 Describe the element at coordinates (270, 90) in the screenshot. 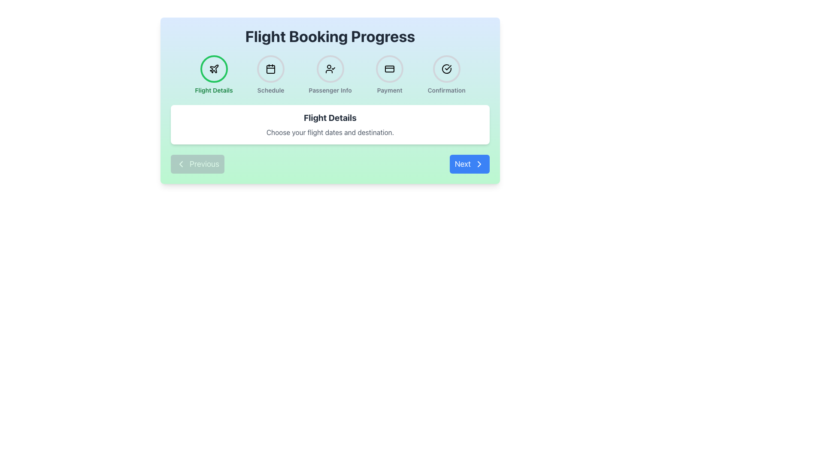

I see `text label that displays the word 'Schedule' in bold gray font, located below the calendar icon in the progress tracker section` at that location.